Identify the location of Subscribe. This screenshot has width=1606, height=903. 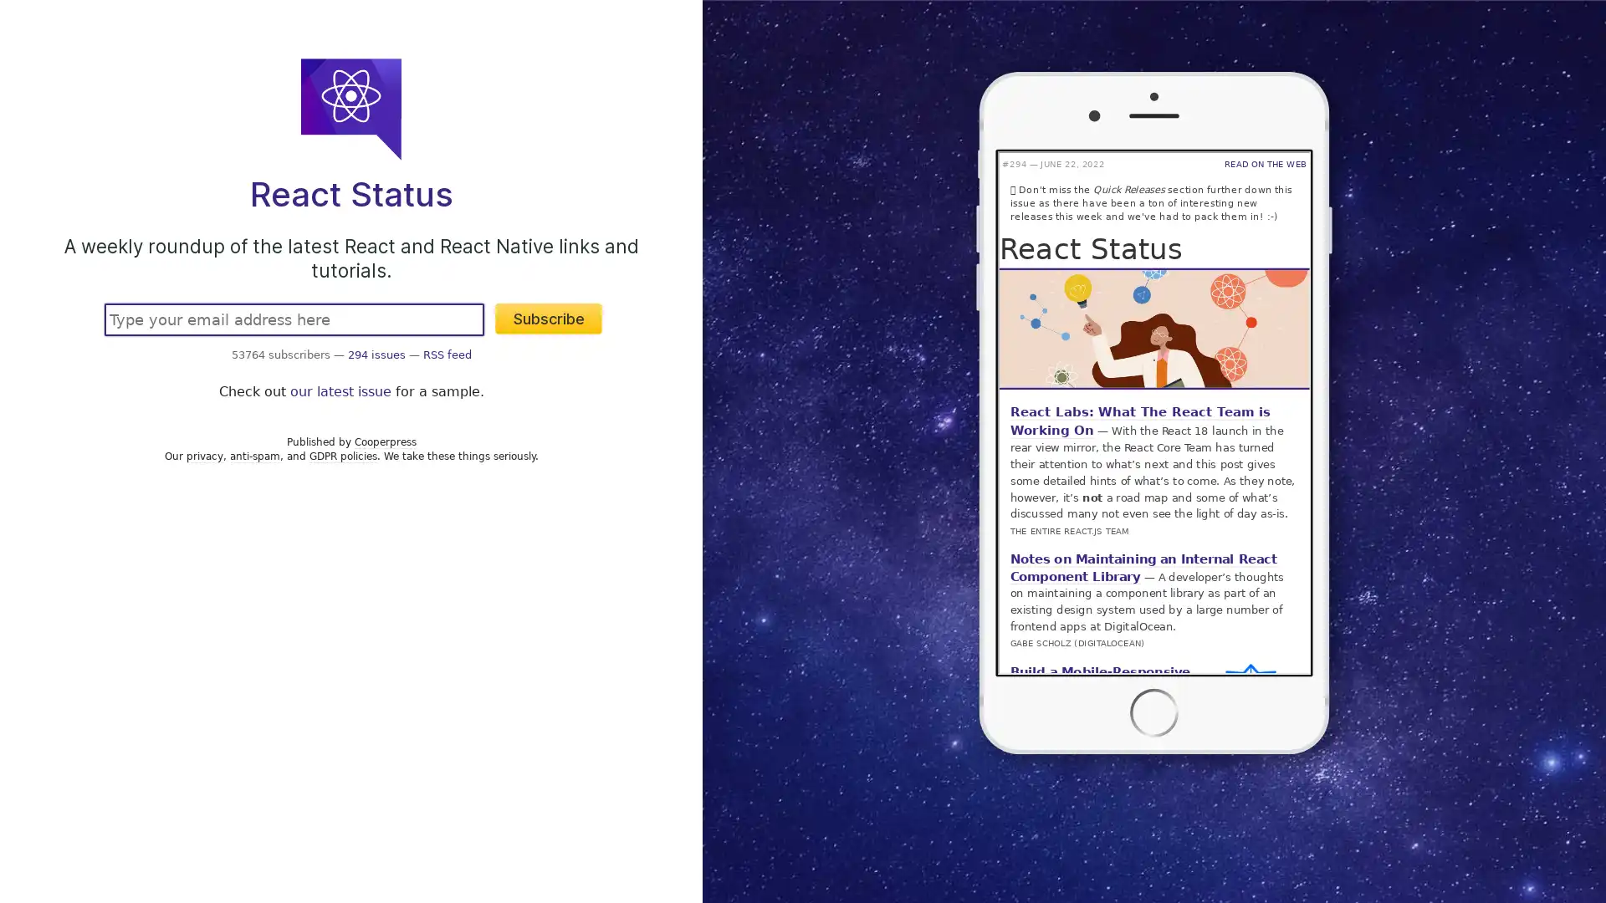
(549, 319).